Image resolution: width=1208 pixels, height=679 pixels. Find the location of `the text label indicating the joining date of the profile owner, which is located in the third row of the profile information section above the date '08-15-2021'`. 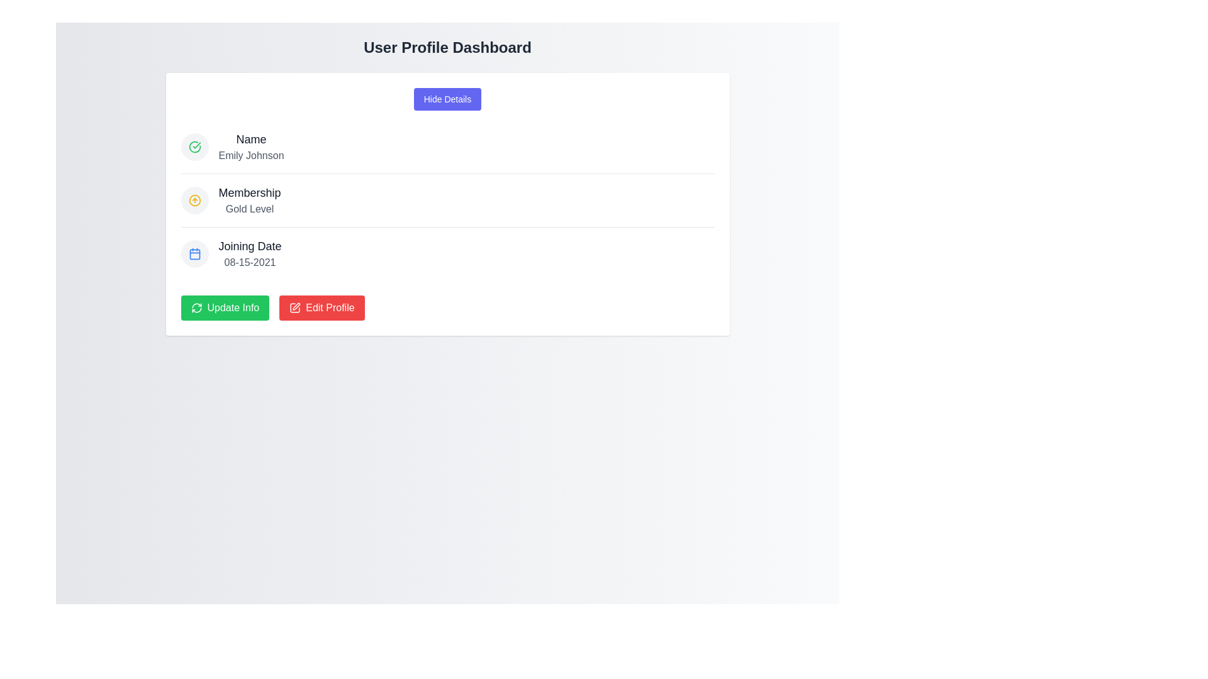

the text label indicating the joining date of the profile owner, which is located in the third row of the profile information section above the date '08-15-2021' is located at coordinates (250, 246).